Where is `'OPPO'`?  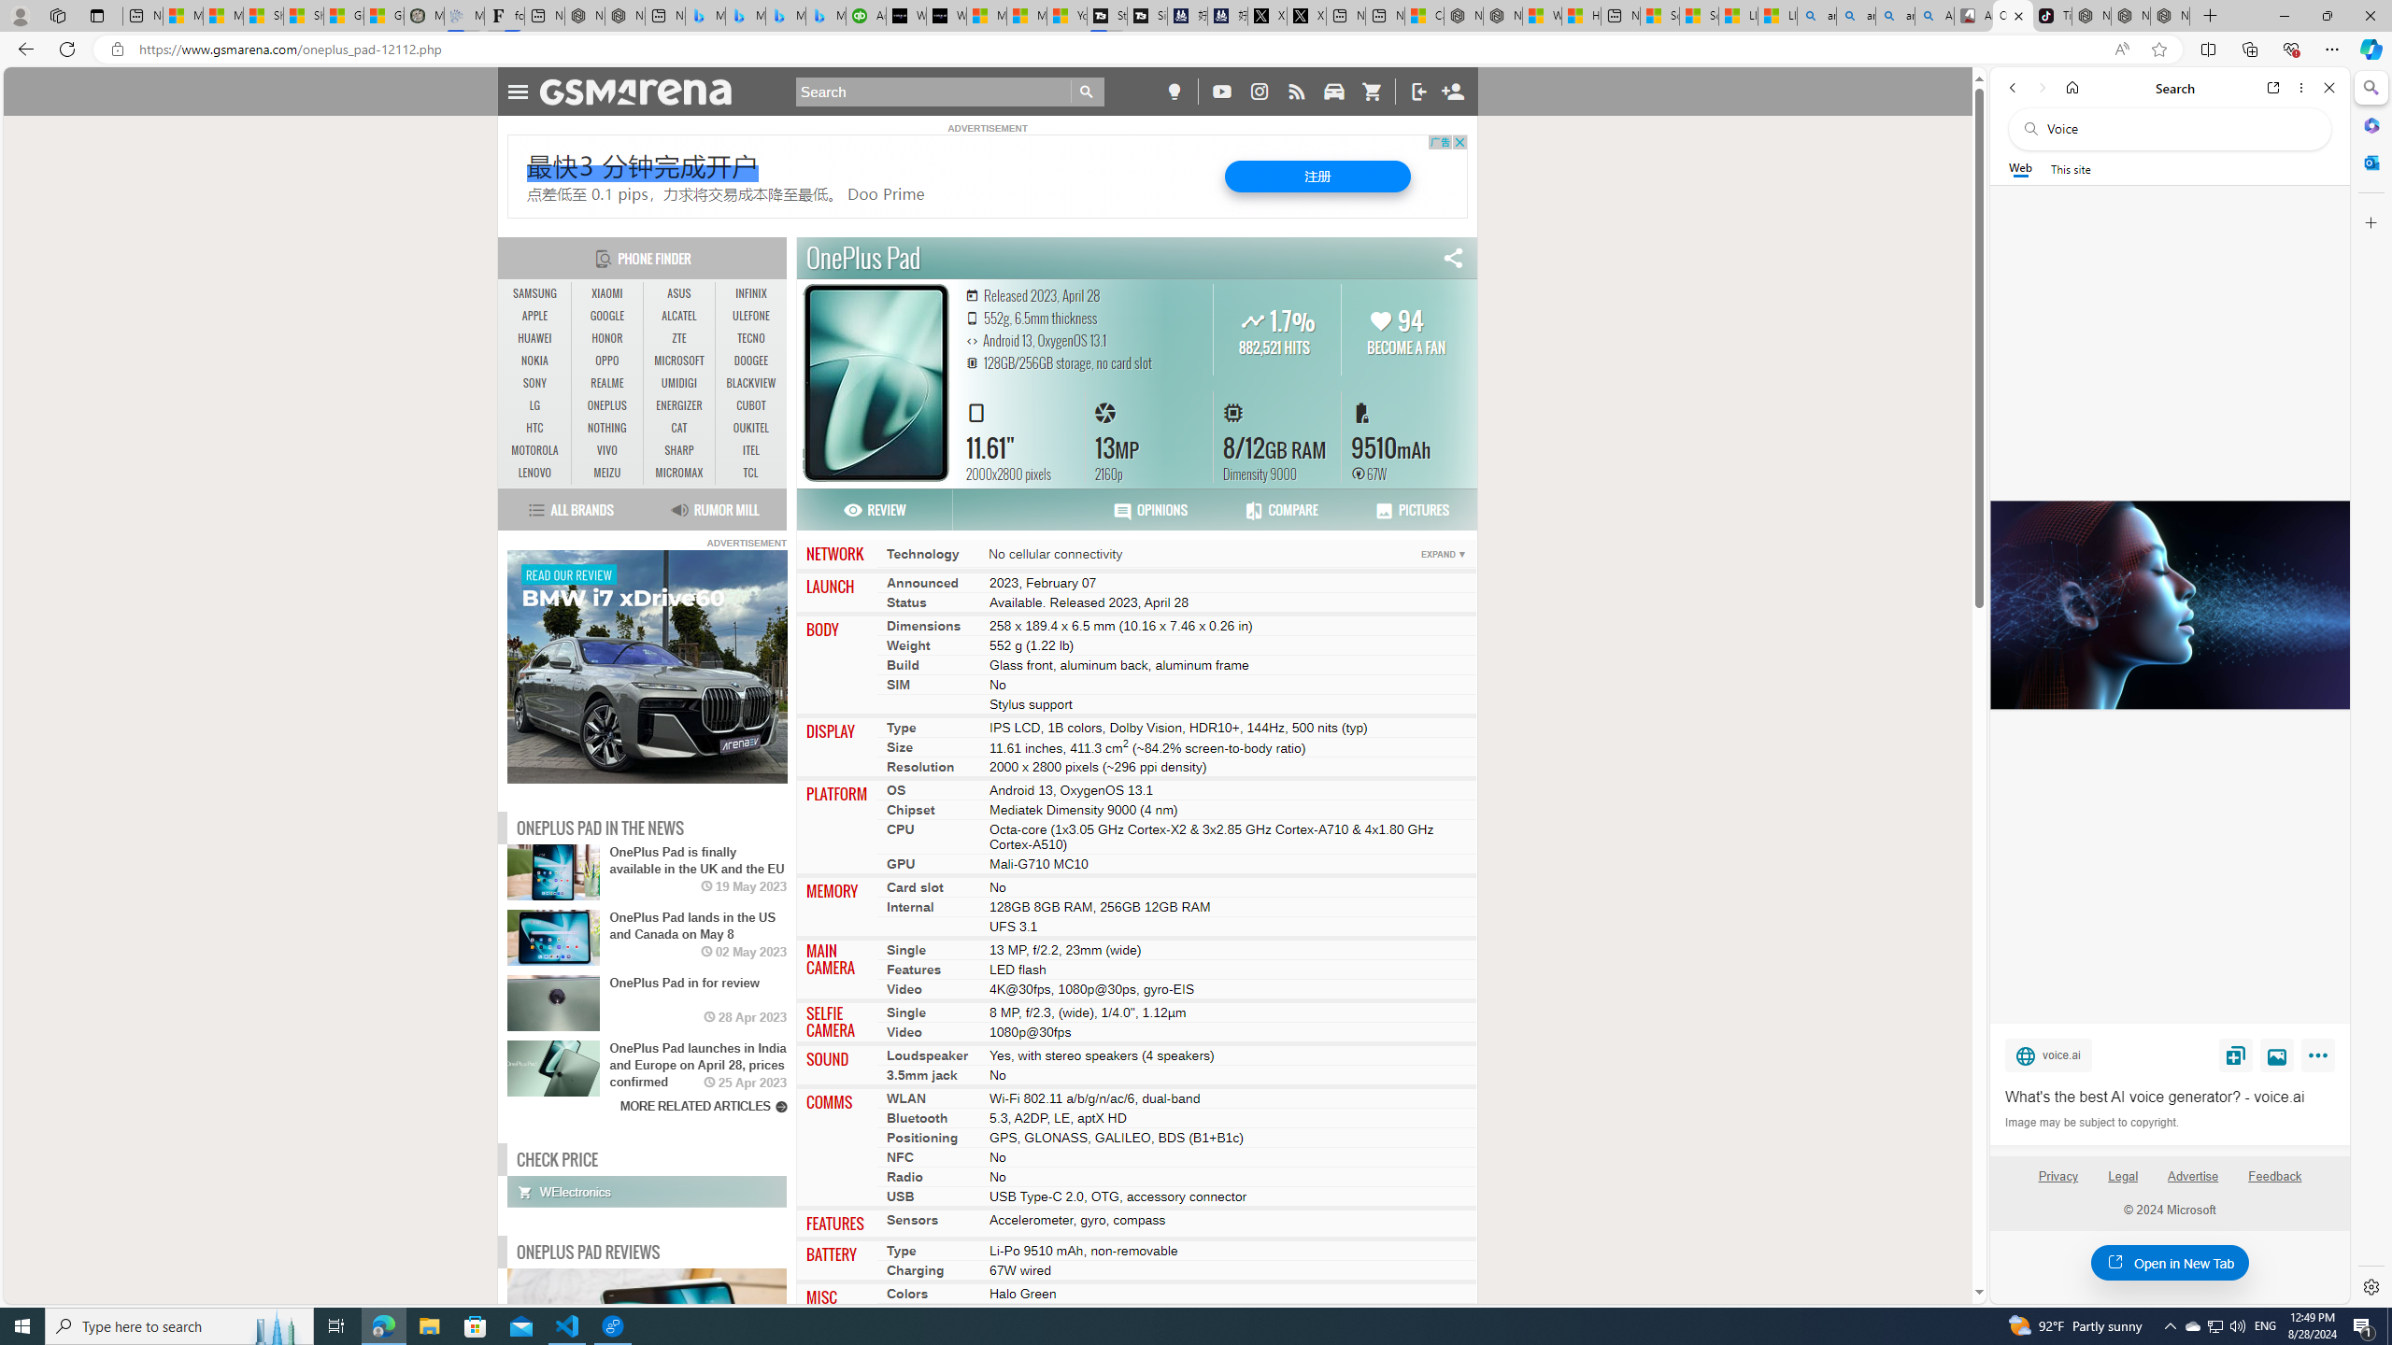 'OPPO' is located at coordinates (606, 361).